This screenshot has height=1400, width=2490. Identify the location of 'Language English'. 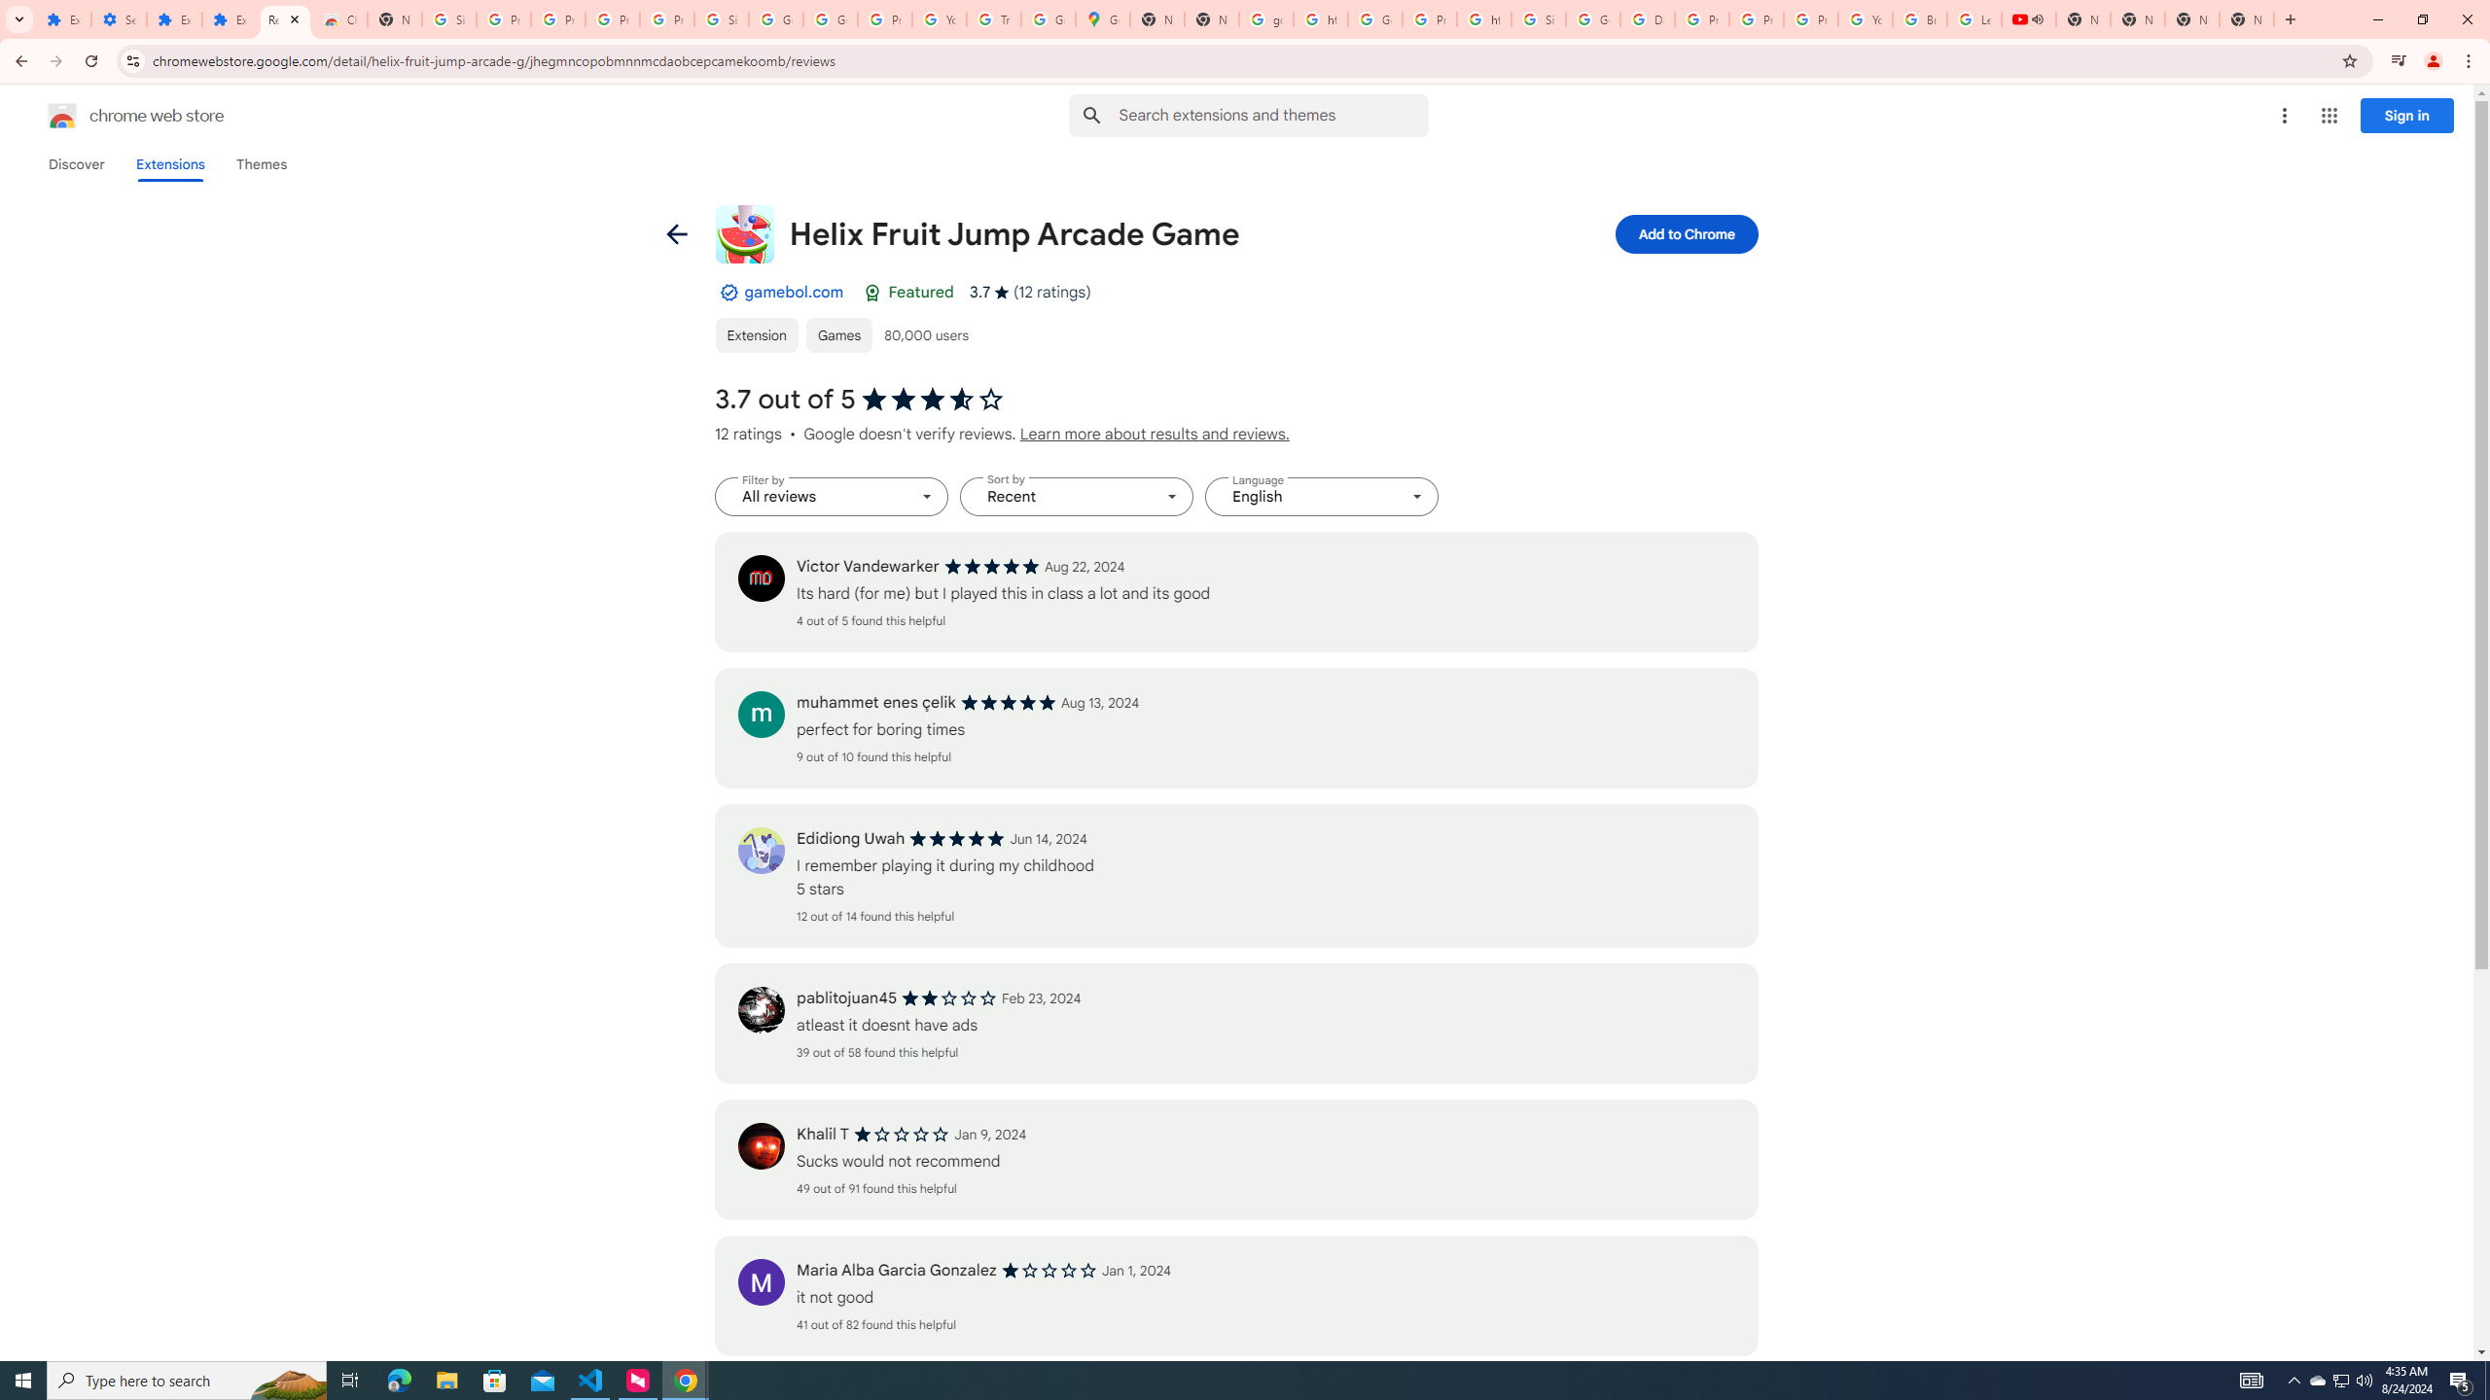
(1321, 496).